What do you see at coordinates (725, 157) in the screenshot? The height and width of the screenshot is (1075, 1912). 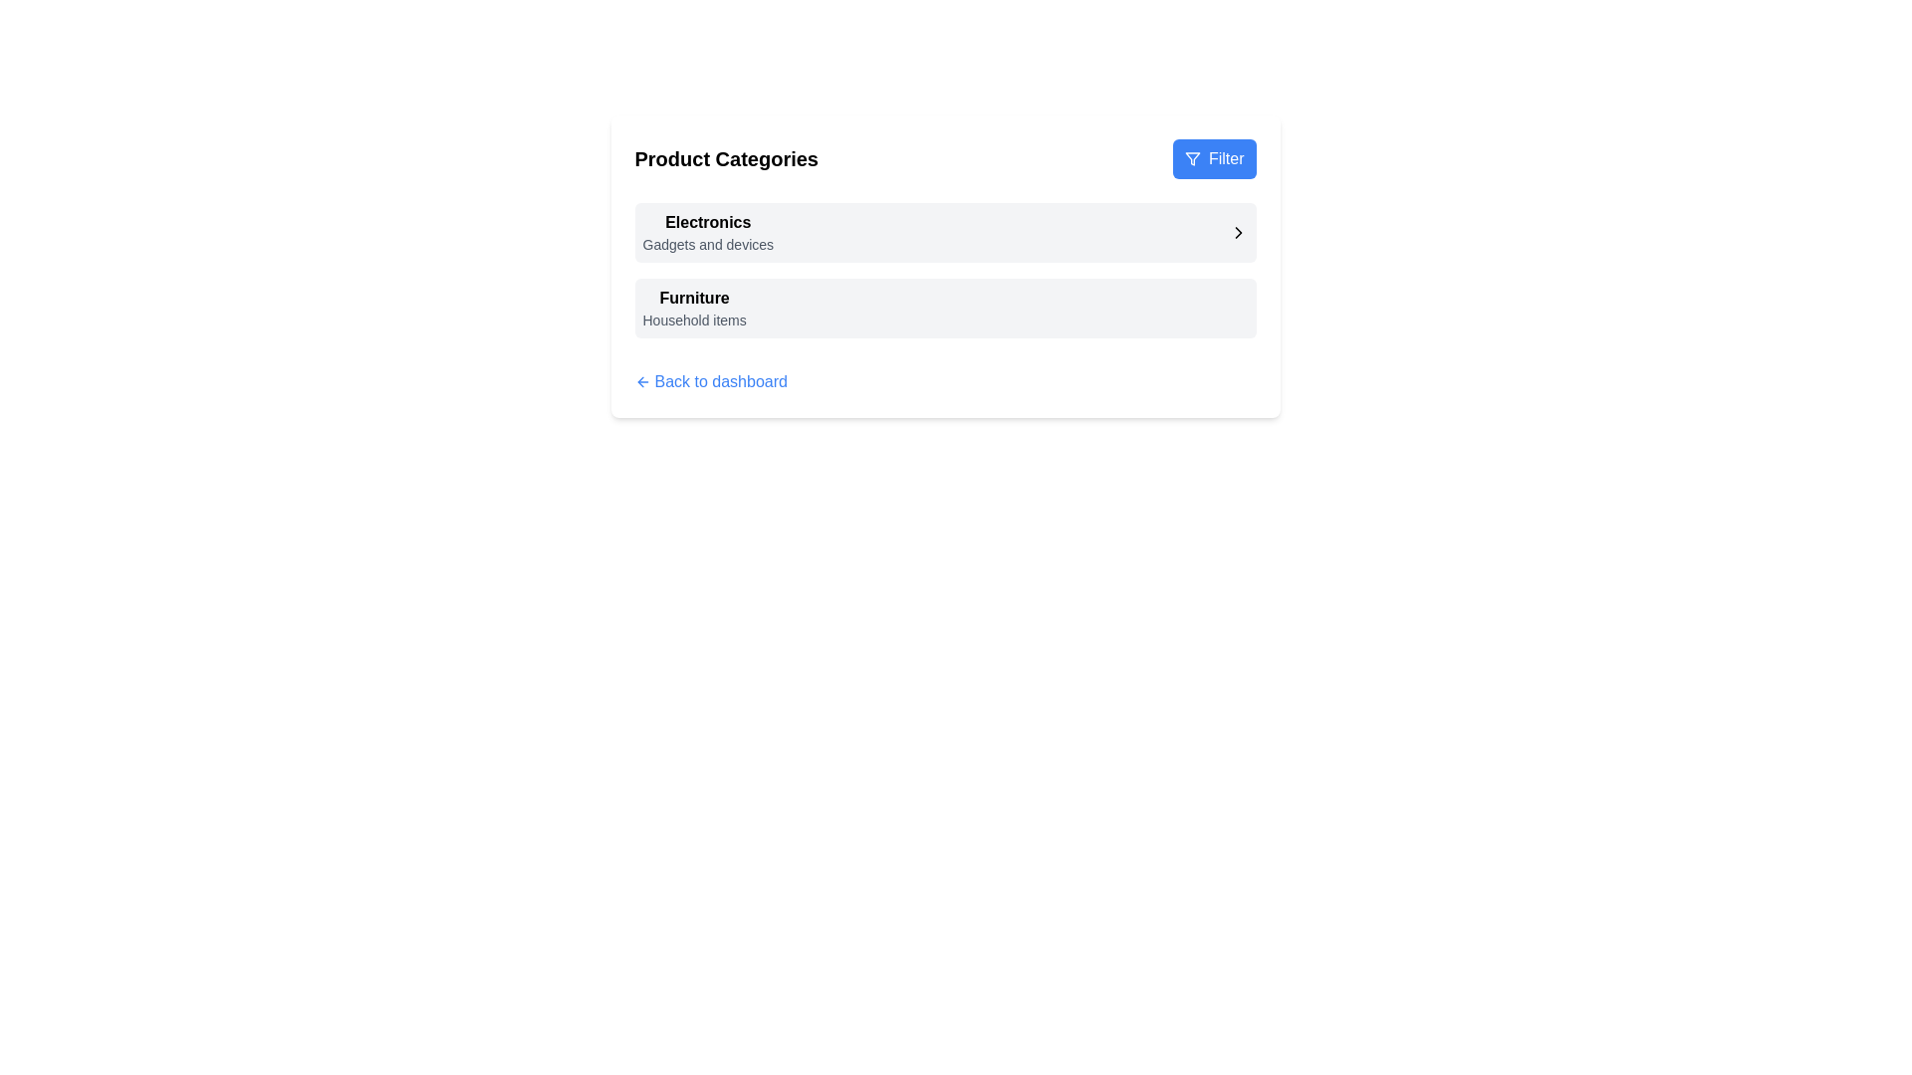 I see `the Text label that serves as a section title for the category of items displayed in the interface, located near the upper-left corner next to the 'Filter' button` at bounding box center [725, 157].